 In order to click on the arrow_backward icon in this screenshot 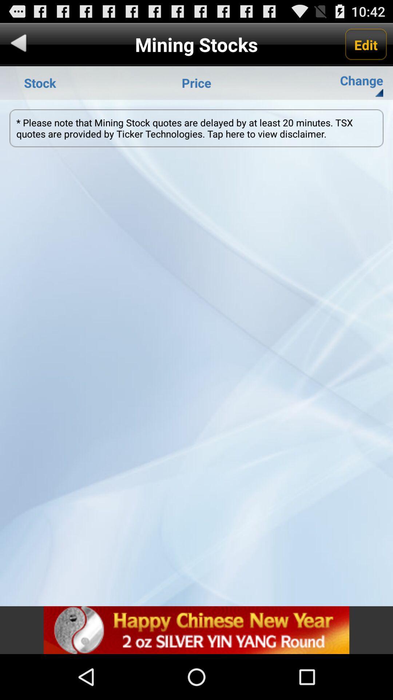, I will do `click(18, 47)`.